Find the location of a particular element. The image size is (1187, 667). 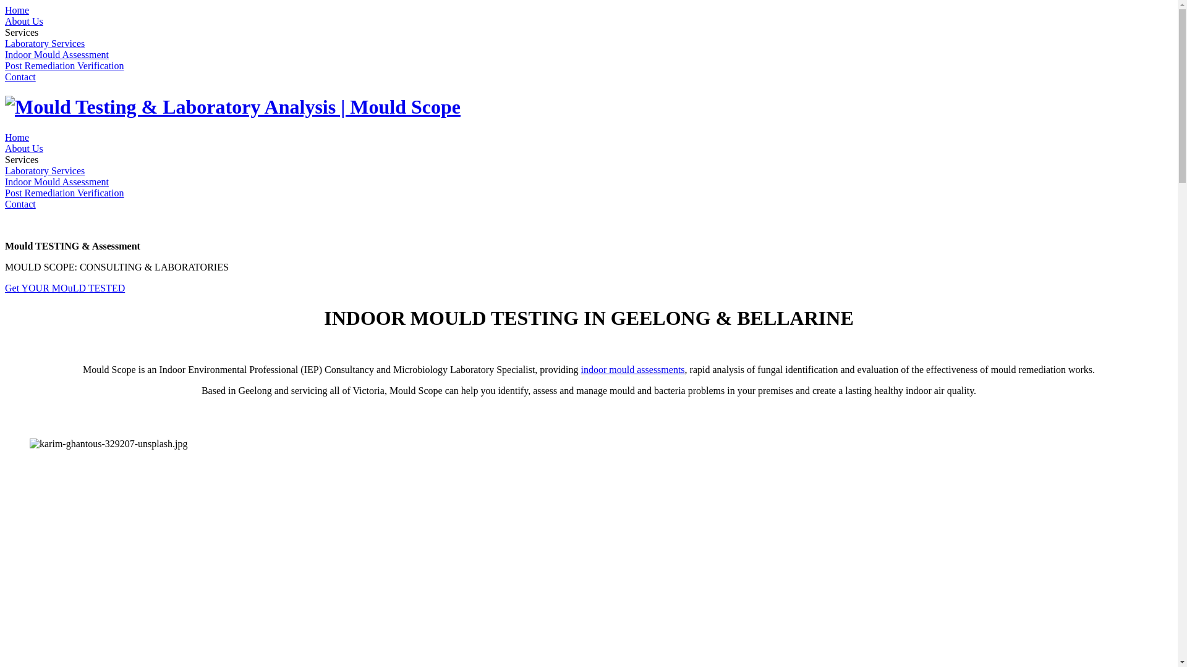

'Laboratory Services' is located at coordinates (45, 170).